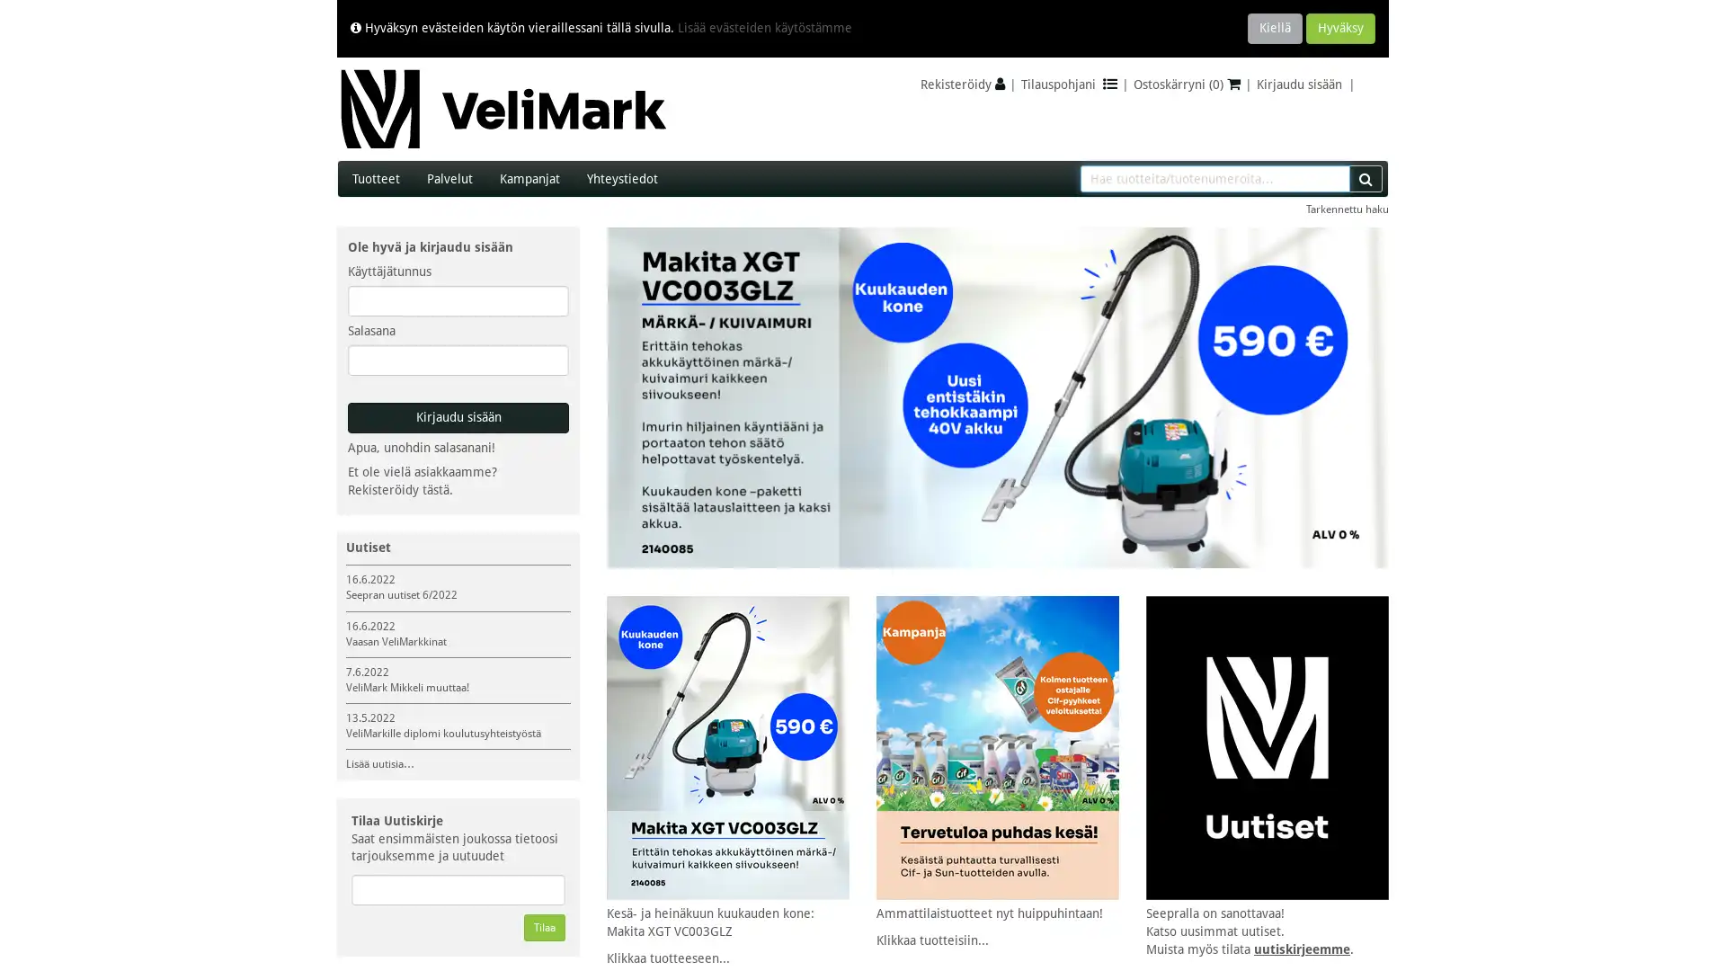 The image size is (1726, 971). What do you see at coordinates (543, 928) in the screenshot?
I see `Tilaa` at bounding box center [543, 928].